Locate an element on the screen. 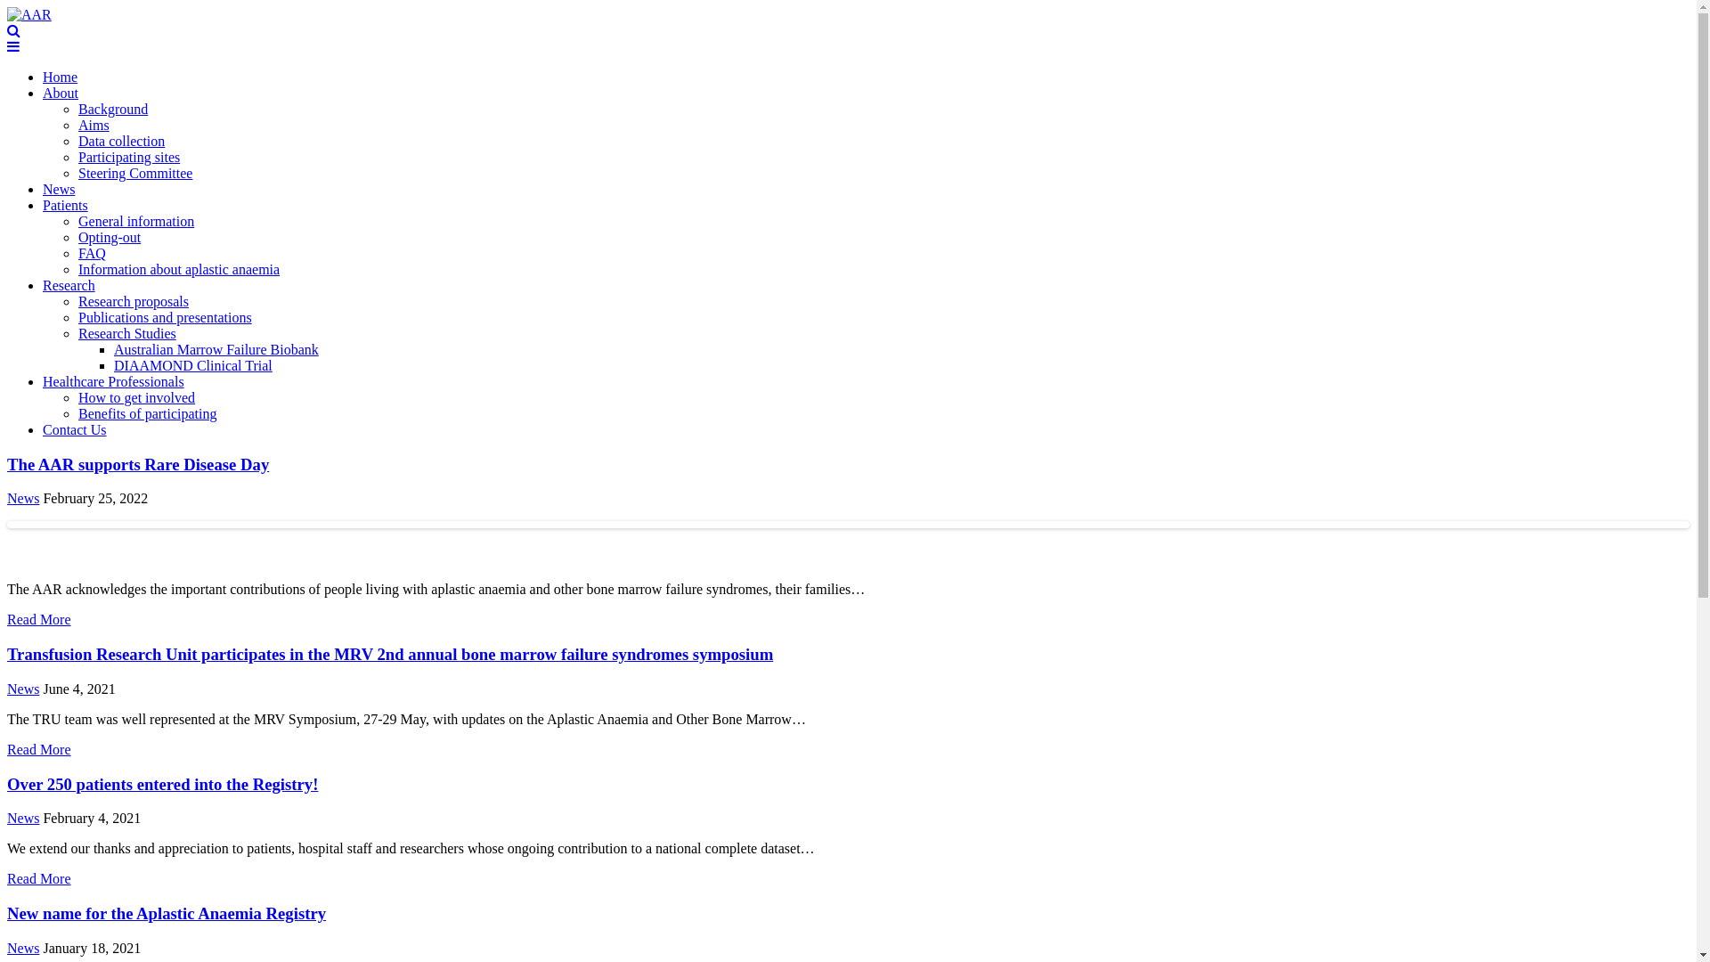  'Aims' is located at coordinates (93, 124).